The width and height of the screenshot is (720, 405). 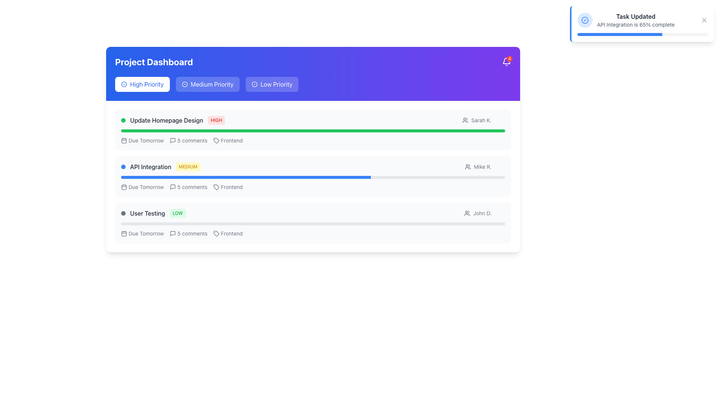 I want to click on the circular outline with a blue stroke, located within the notification icon in the top-right corner of the dashboard heading section, which is associated with the 'Low Priority' label, so click(x=254, y=84).